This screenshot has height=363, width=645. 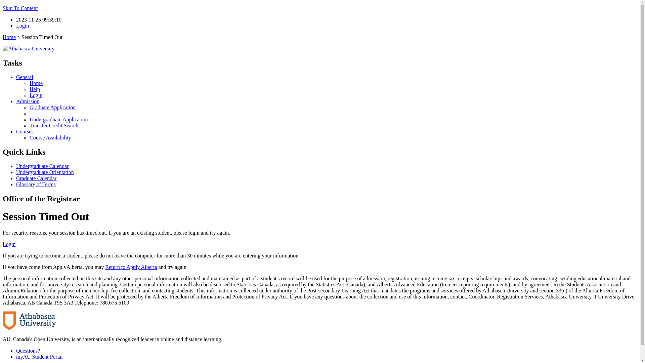 What do you see at coordinates (35, 184) in the screenshot?
I see `'Glossary of Terms'` at bounding box center [35, 184].